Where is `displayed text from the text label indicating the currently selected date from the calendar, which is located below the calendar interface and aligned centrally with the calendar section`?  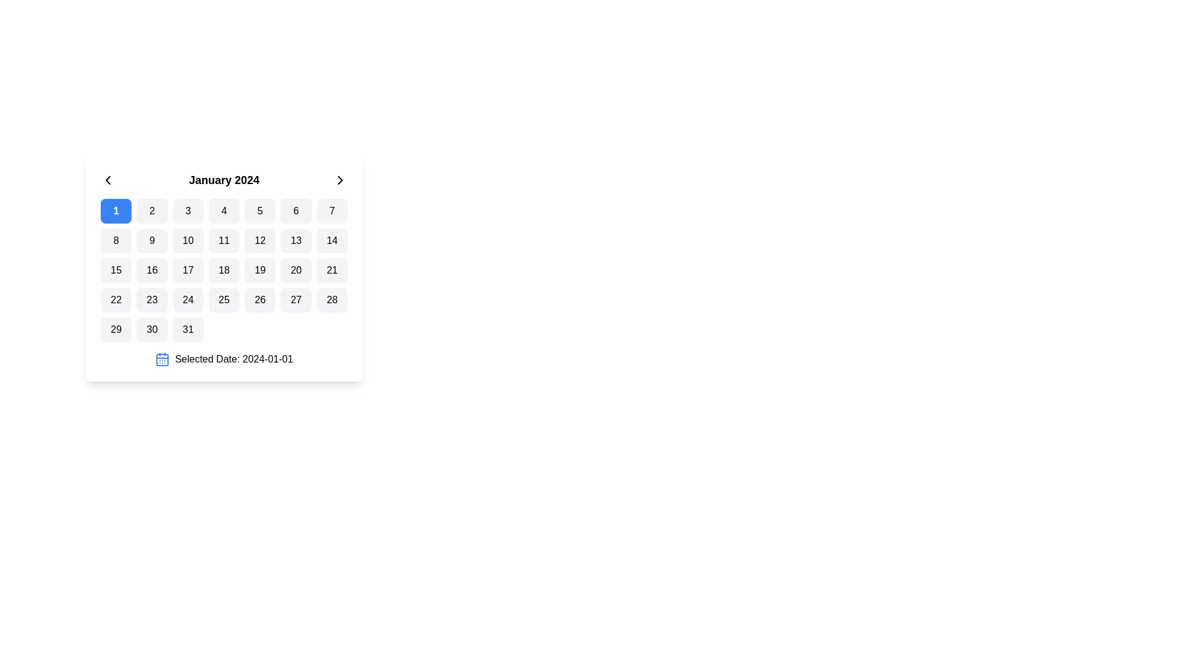 displayed text from the text label indicating the currently selected date from the calendar, which is located below the calendar interface and aligned centrally with the calendar section is located at coordinates (234, 359).